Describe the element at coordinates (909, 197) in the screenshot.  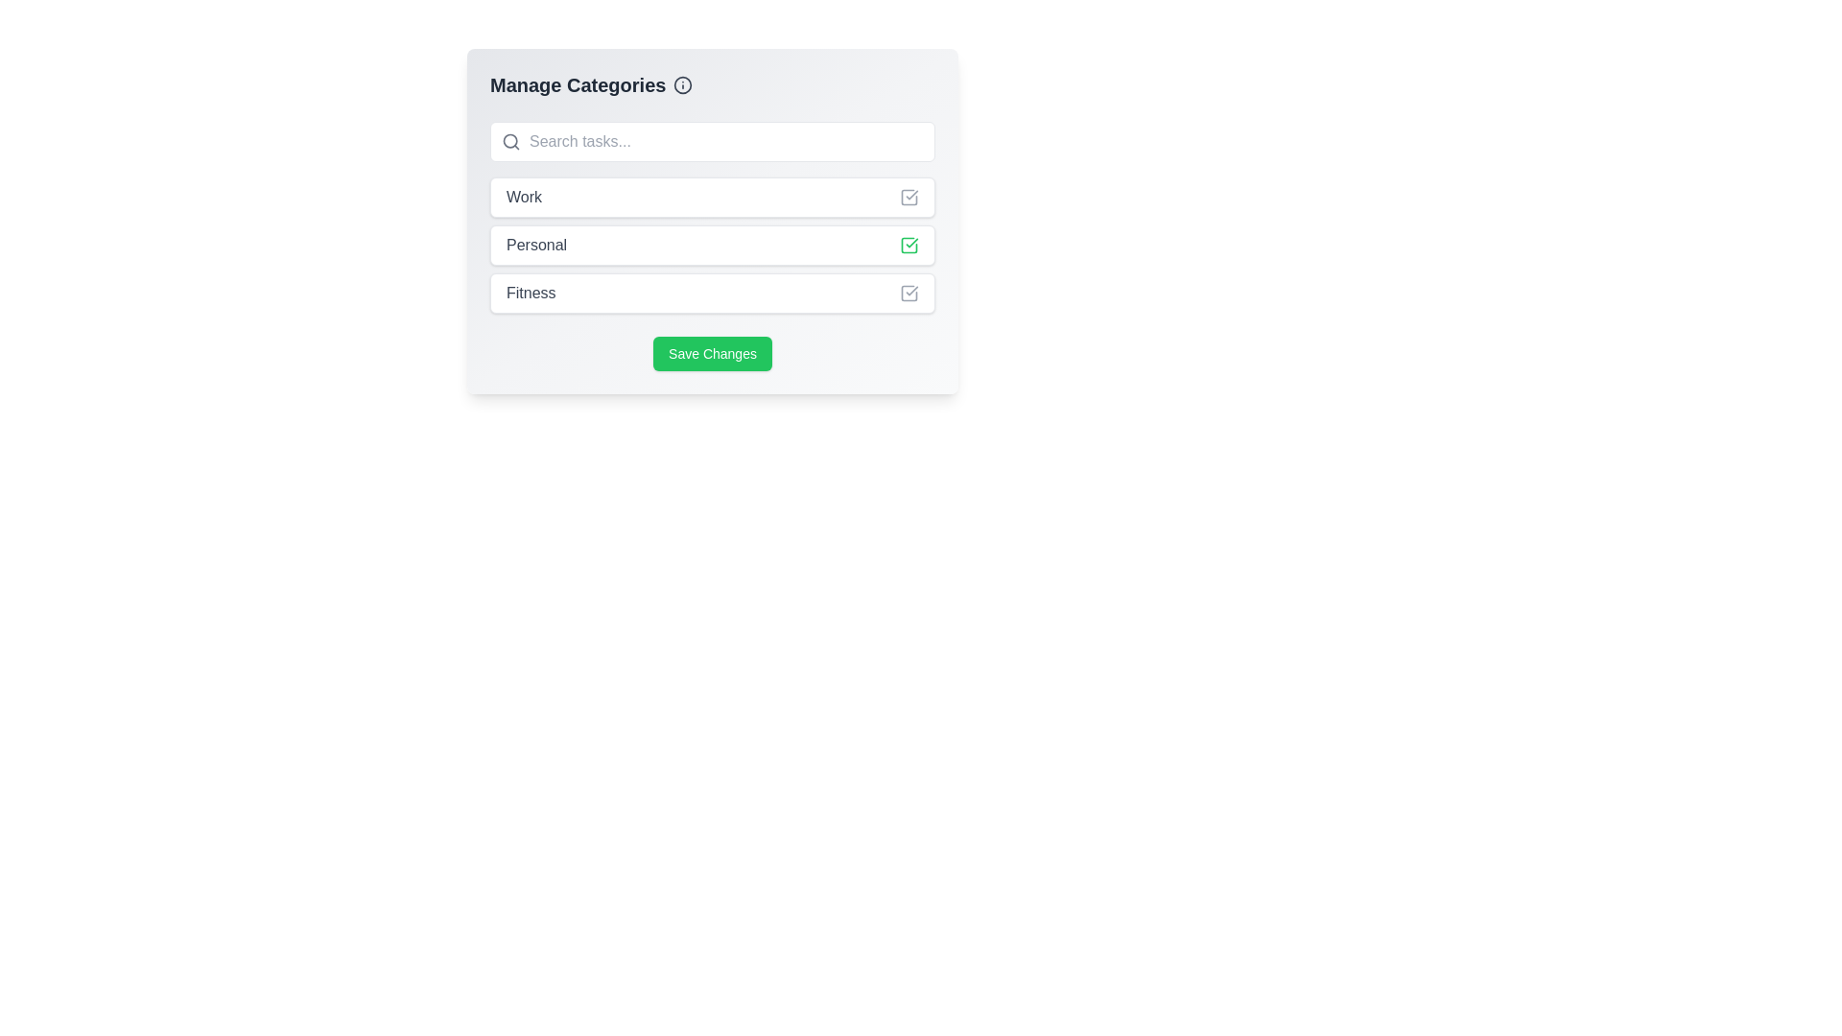
I see `the checkbox for the 'Work' category` at that location.